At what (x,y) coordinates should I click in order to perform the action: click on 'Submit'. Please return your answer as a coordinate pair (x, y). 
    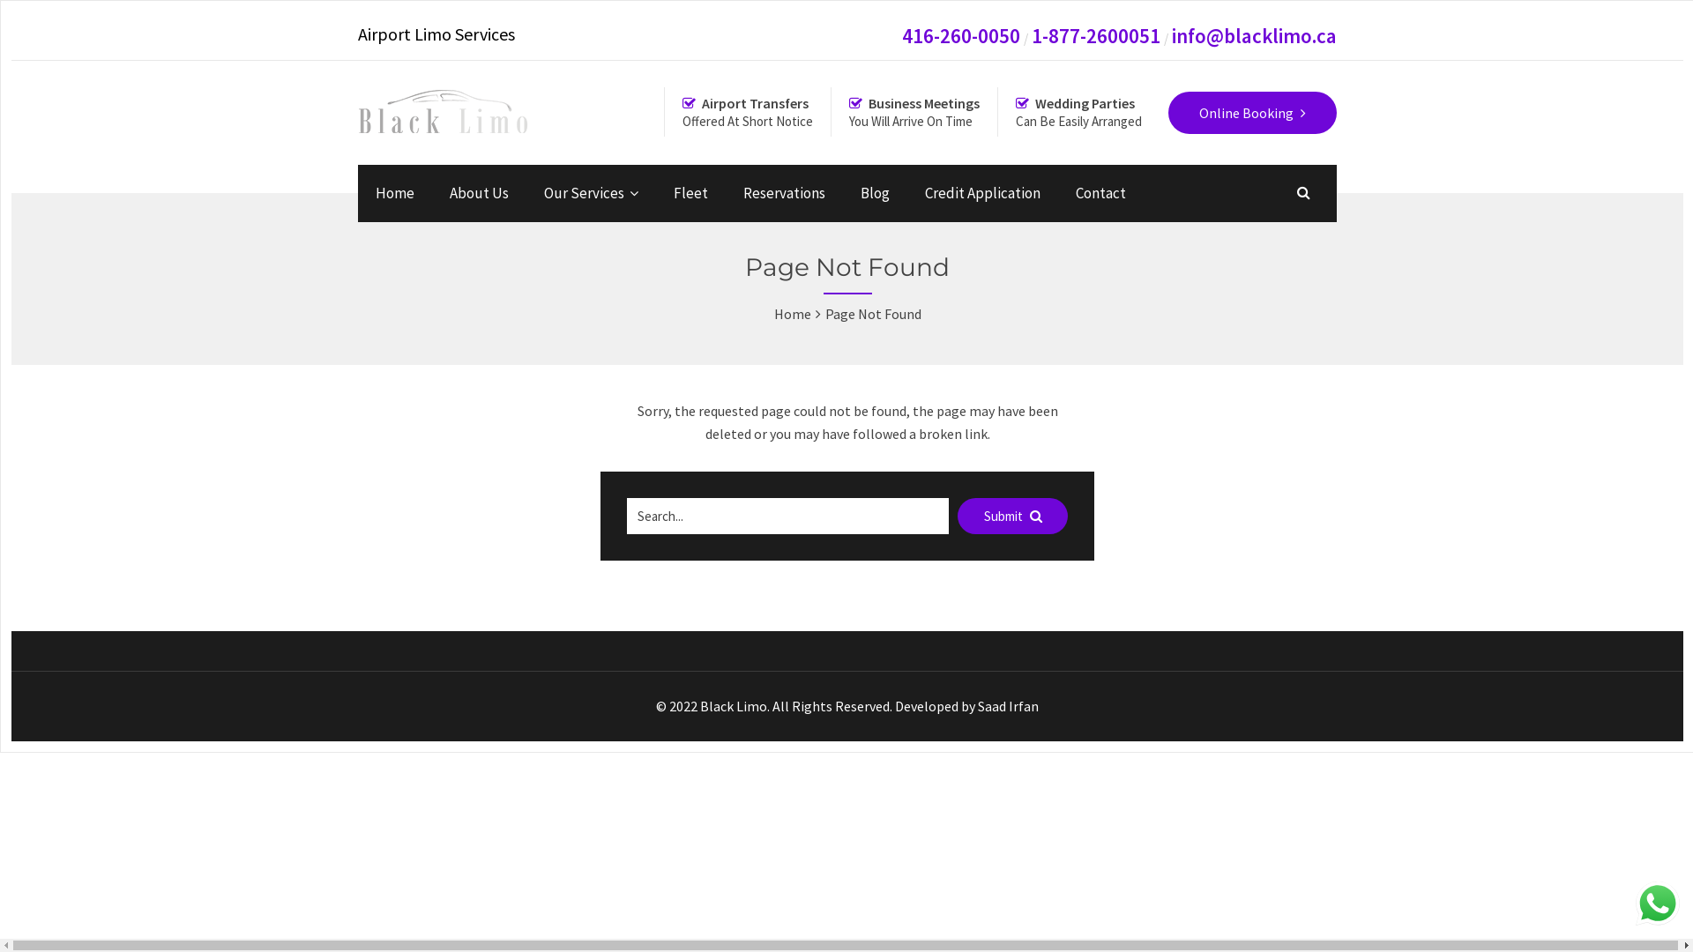
    Looking at the image, I should click on (1012, 516).